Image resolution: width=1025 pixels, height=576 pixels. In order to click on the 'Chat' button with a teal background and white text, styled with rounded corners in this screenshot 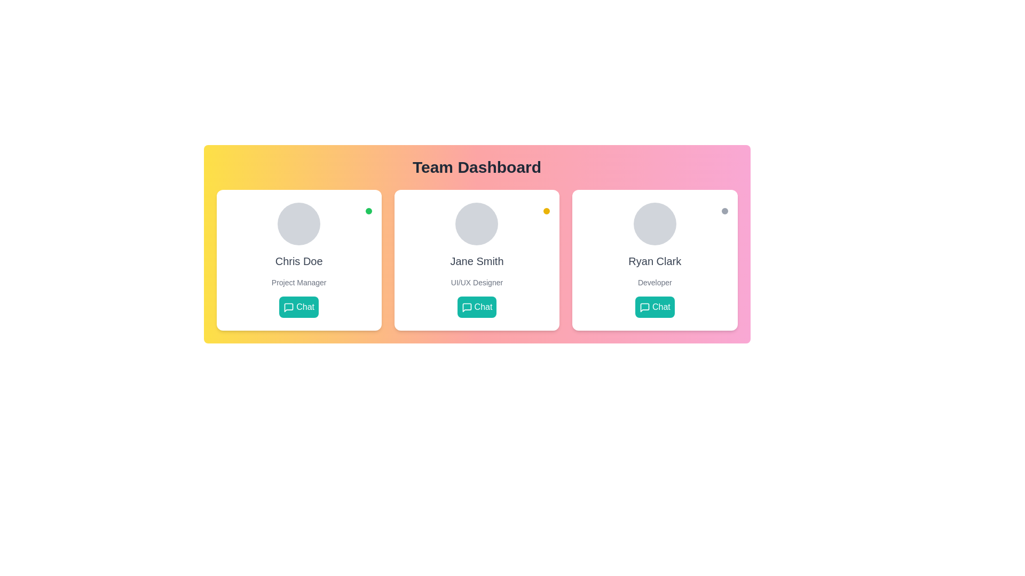, I will do `click(476, 307)`.